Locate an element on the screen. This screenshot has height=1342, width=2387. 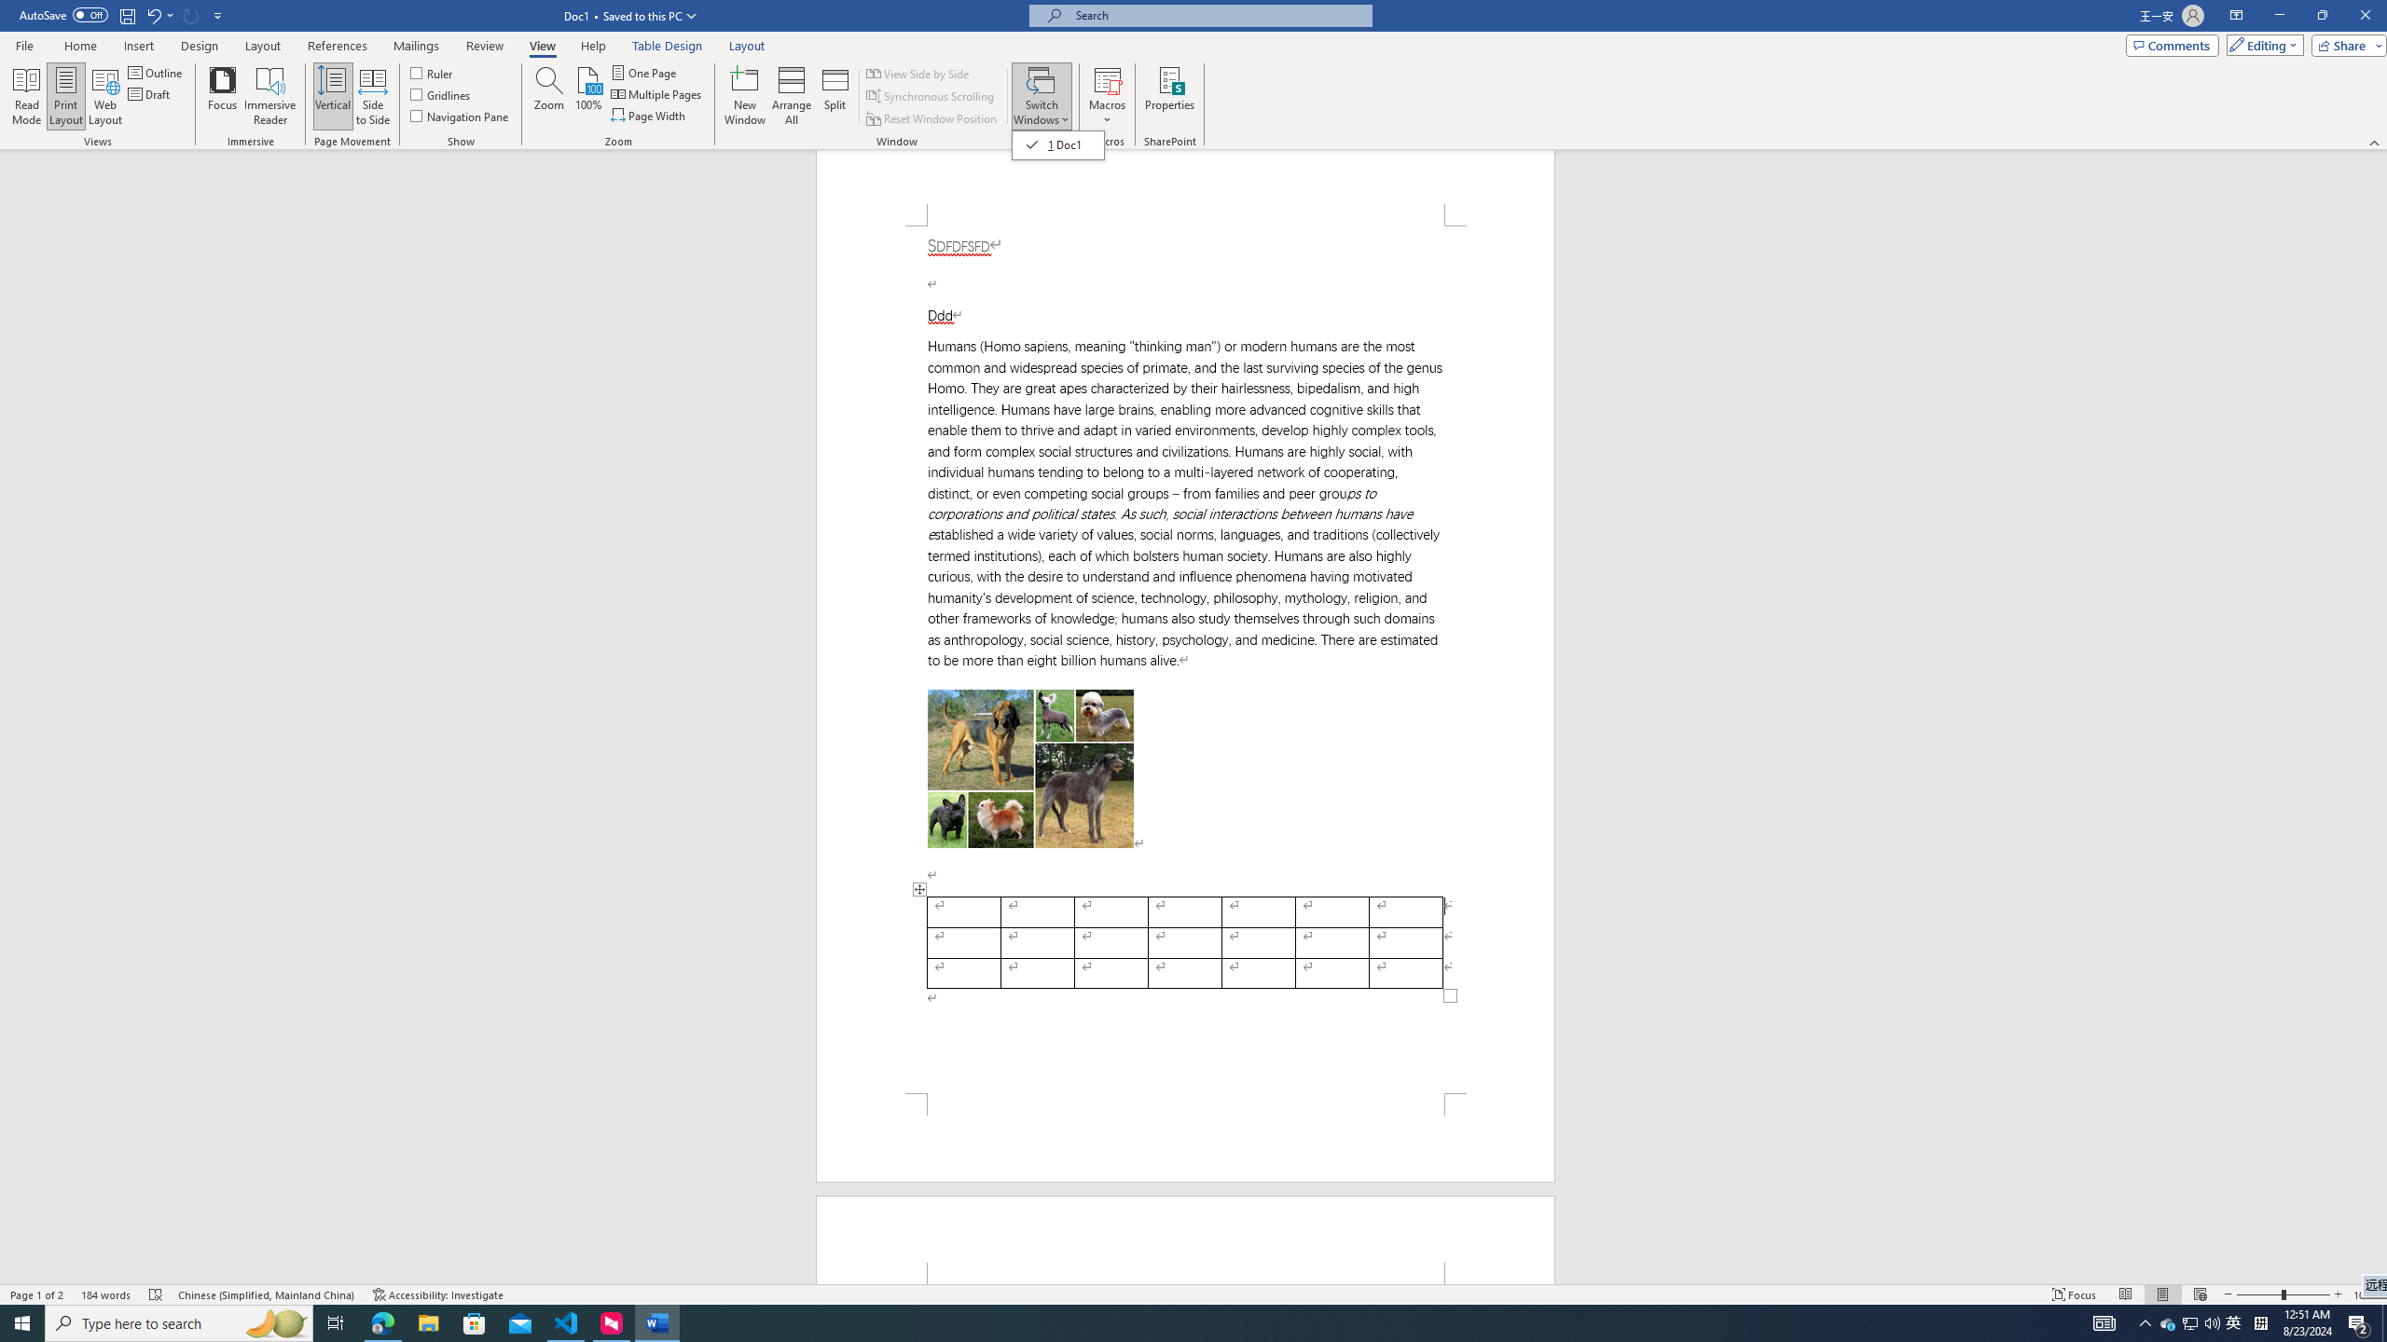
'Zoom Out' is located at coordinates (2258, 1294).